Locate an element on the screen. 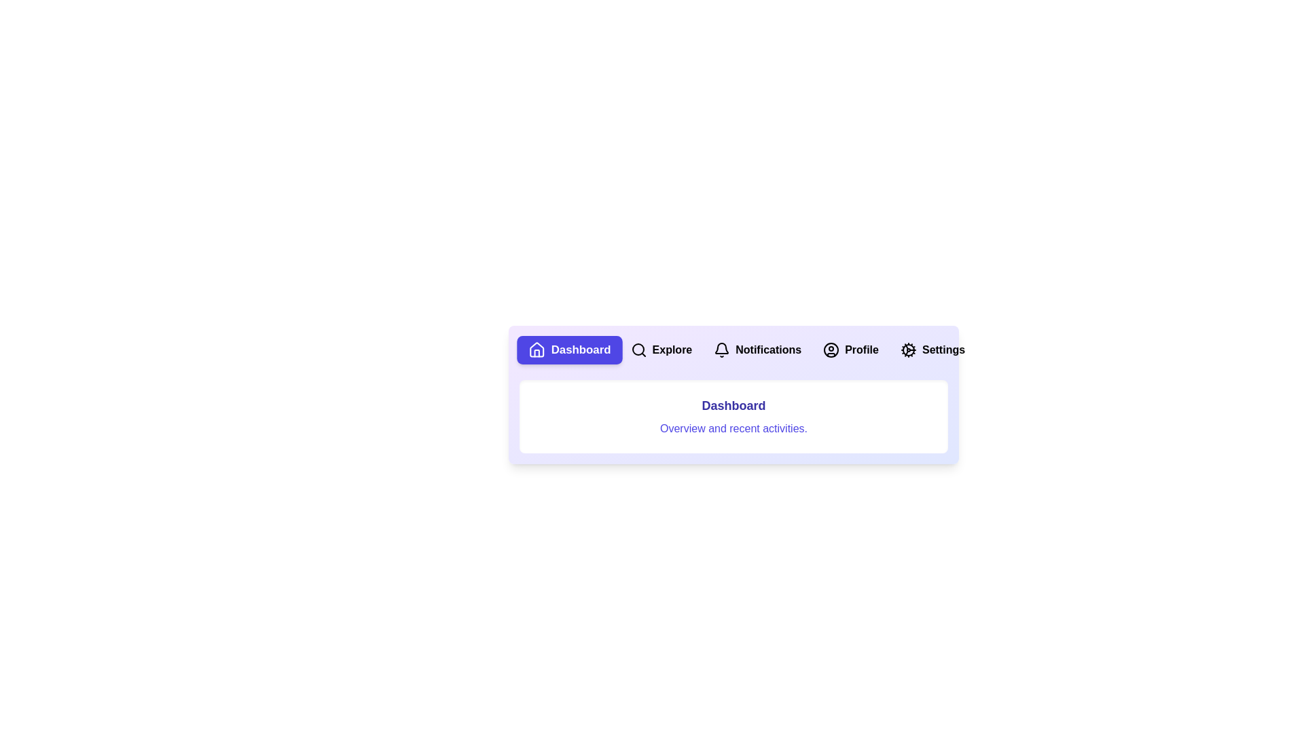 The width and height of the screenshot is (1304, 733). the icon of the tab labeled Explore is located at coordinates (638, 350).